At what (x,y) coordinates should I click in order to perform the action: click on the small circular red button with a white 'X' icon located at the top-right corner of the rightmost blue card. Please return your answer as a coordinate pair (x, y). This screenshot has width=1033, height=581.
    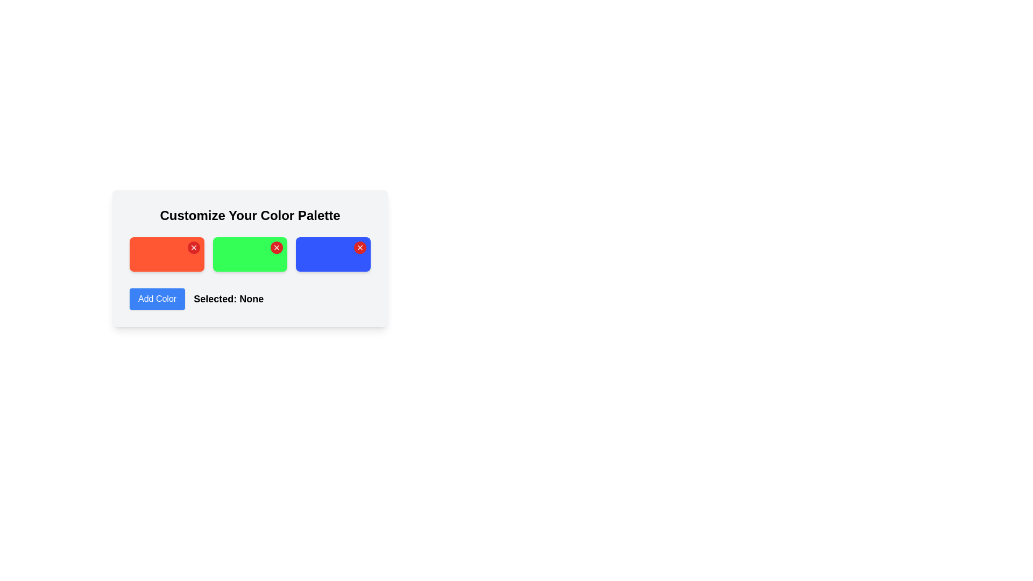
    Looking at the image, I should click on (360, 247).